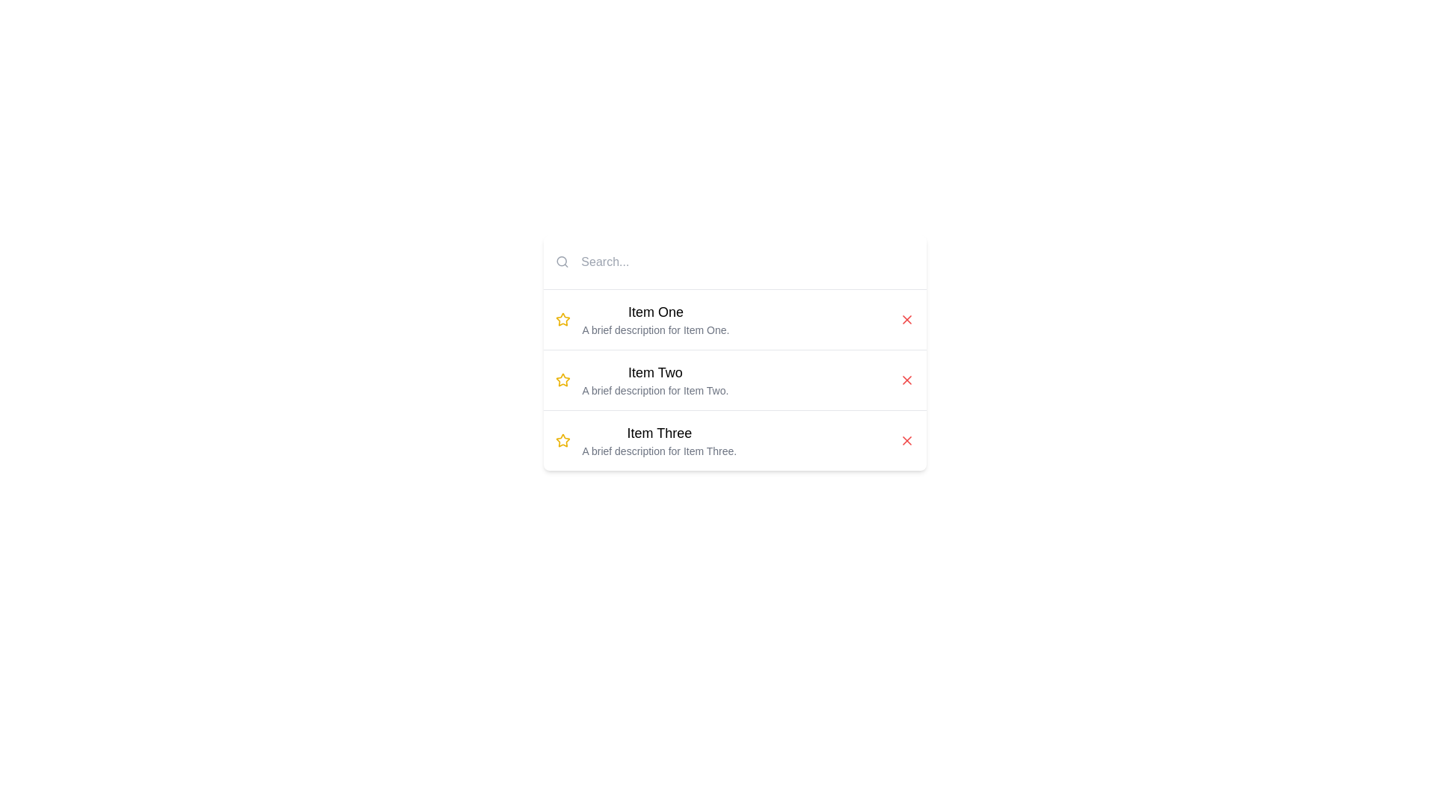 The width and height of the screenshot is (1436, 807). What do you see at coordinates (906, 380) in the screenshot?
I see `the button located` at bounding box center [906, 380].